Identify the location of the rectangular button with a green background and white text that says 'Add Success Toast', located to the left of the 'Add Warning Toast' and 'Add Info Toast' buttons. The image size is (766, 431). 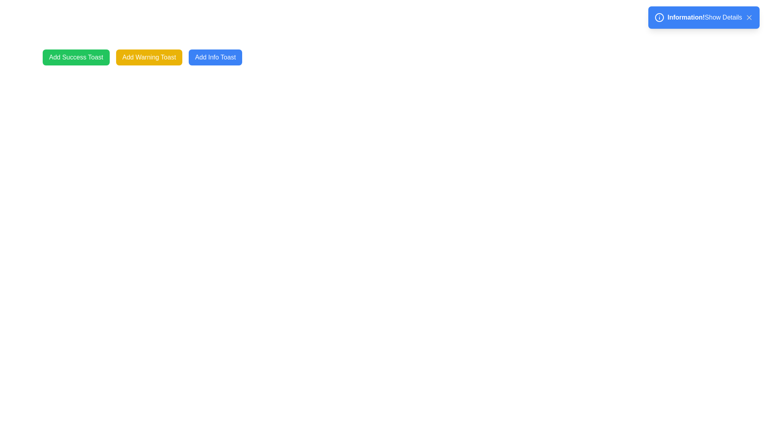
(76, 57).